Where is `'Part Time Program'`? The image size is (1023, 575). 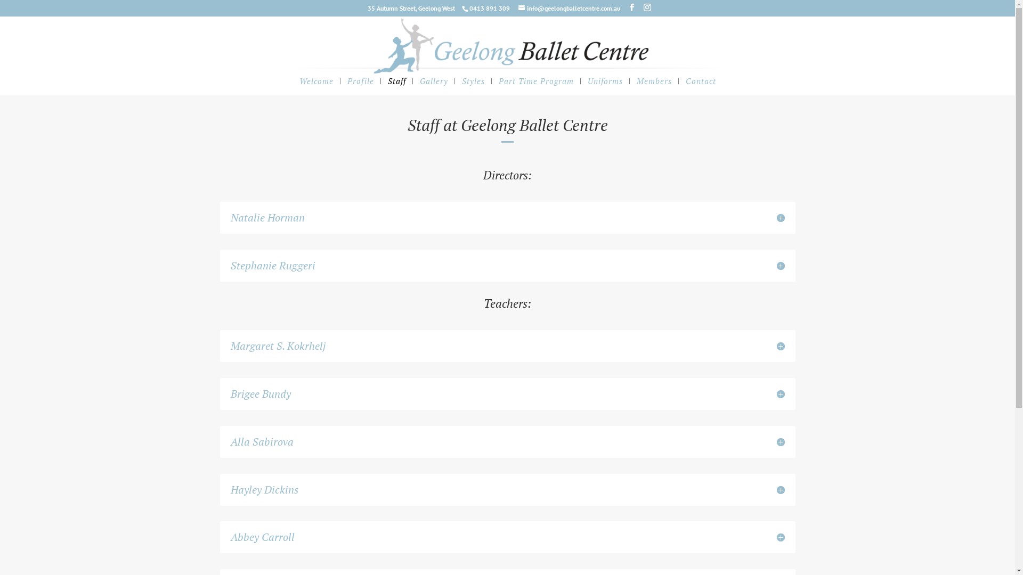
'Part Time Program' is located at coordinates (536, 86).